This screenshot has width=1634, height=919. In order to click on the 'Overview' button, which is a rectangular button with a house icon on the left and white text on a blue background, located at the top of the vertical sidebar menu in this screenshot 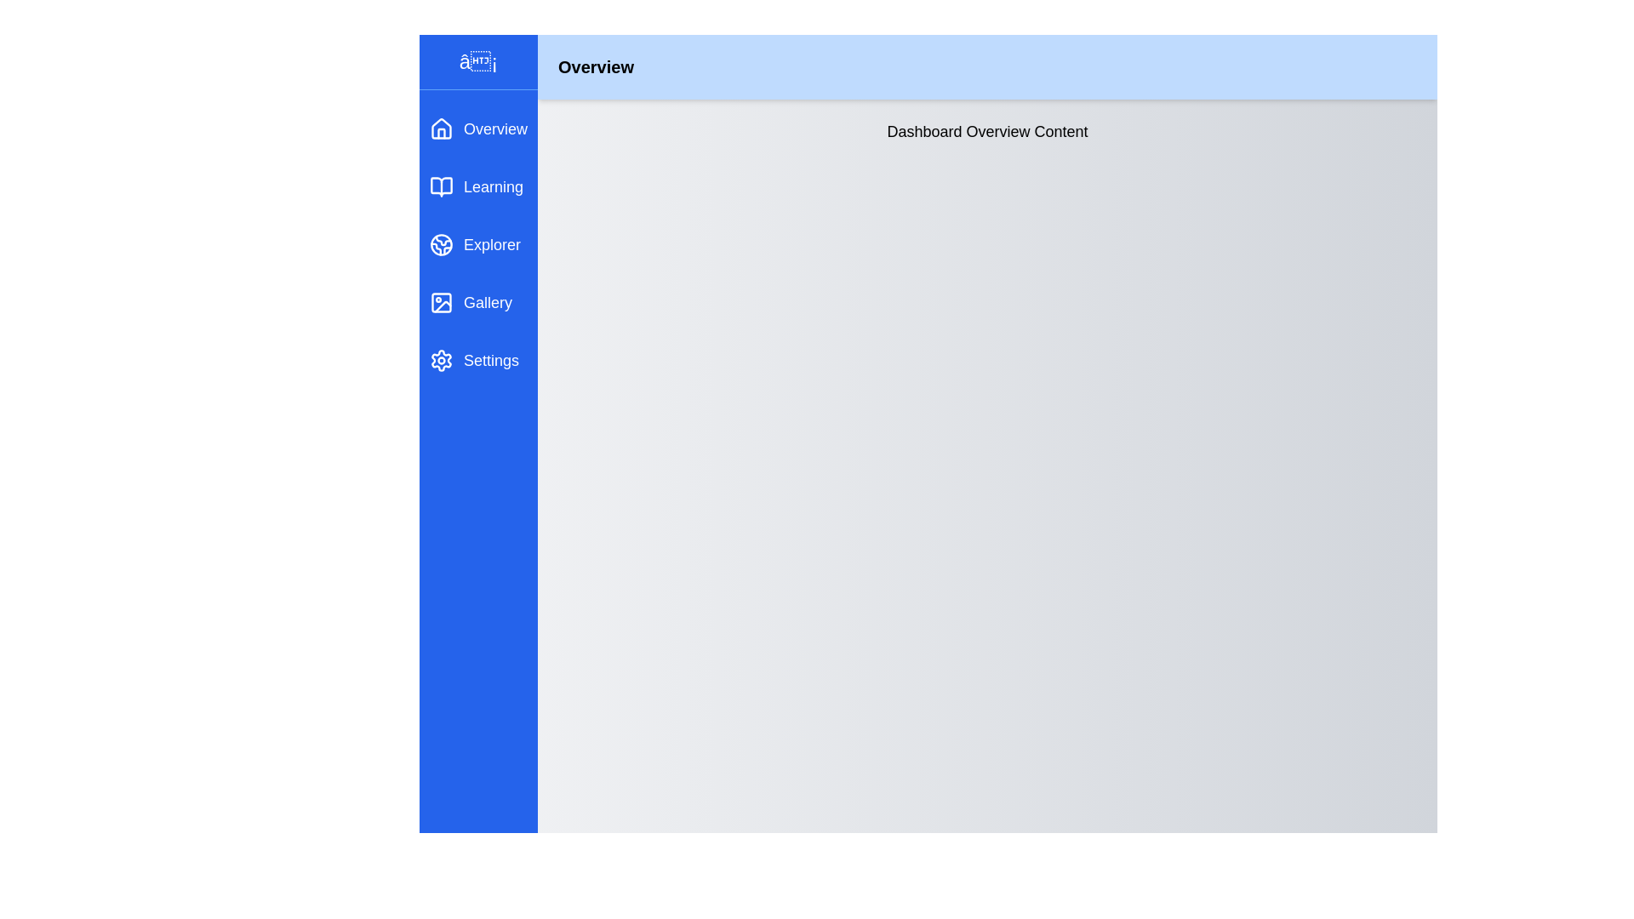, I will do `click(477, 128)`.